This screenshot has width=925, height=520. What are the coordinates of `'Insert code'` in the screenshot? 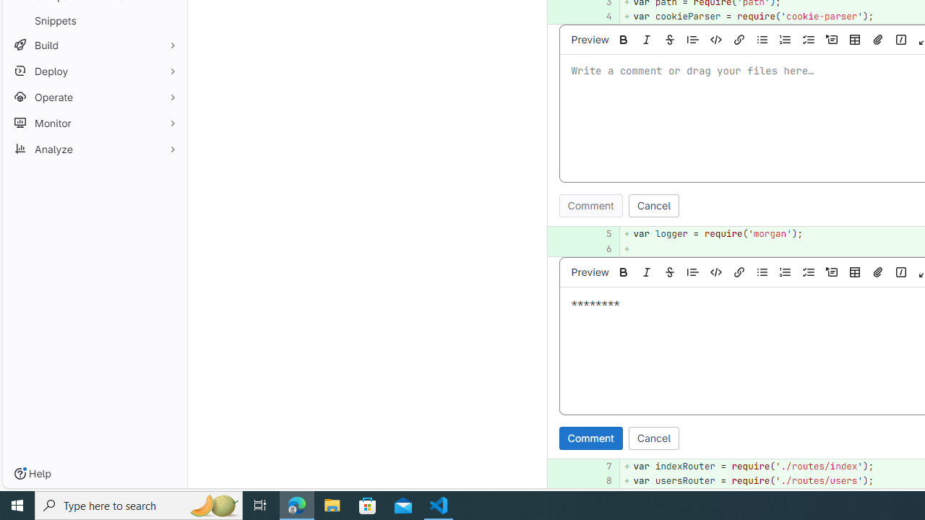 It's located at (716, 272).